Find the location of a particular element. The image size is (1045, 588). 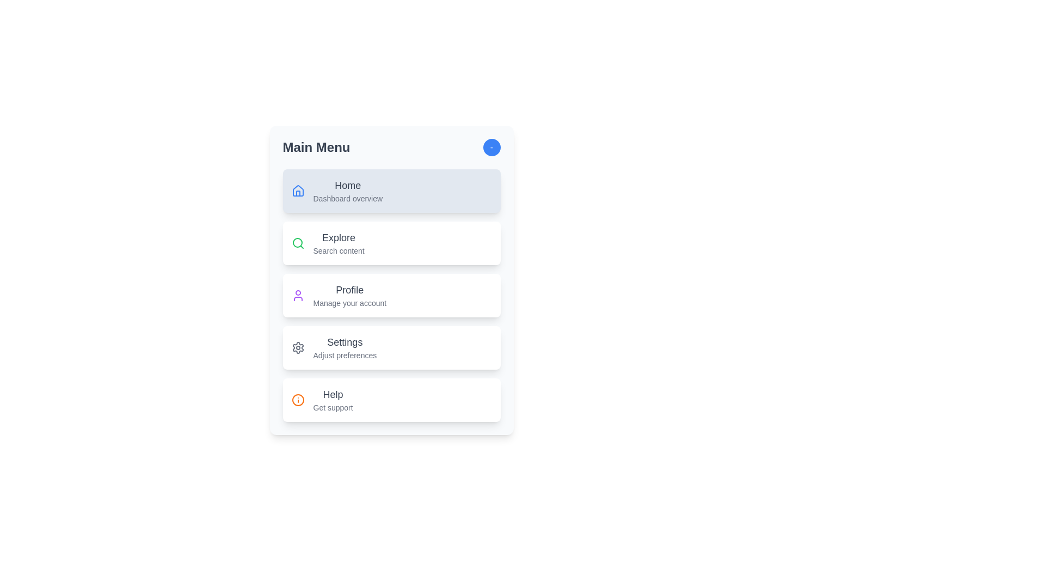

the menu item labeled 'Settings' to observe visual feedback is located at coordinates (391, 348).